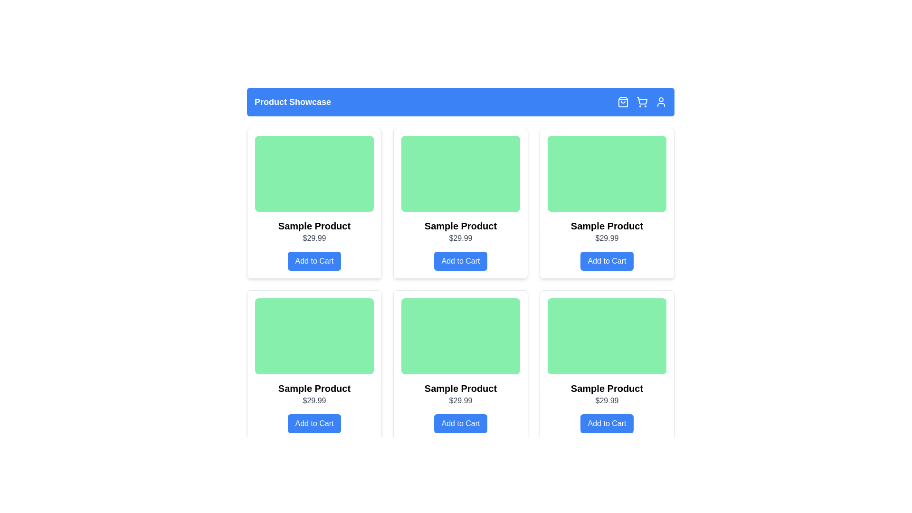  What do you see at coordinates (642, 102) in the screenshot?
I see `the shopping cart icon located as the second icon from the left in the row of icons at the rightmost end of the blue header bar` at bounding box center [642, 102].